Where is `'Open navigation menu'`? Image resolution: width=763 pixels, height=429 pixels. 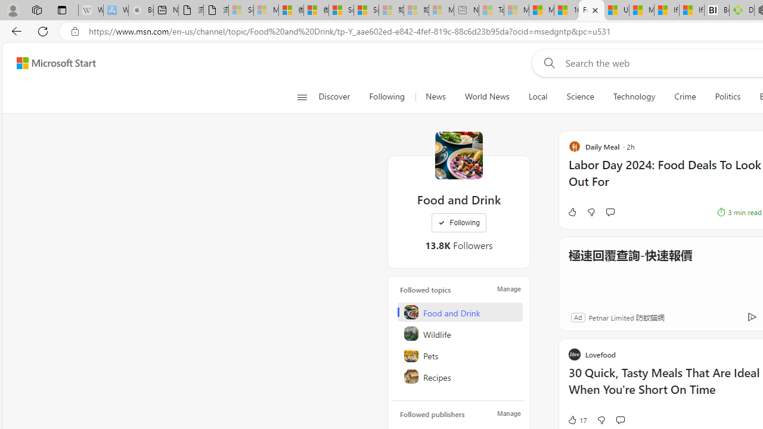
'Open navigation menu' is located at coordinates (302, 97).